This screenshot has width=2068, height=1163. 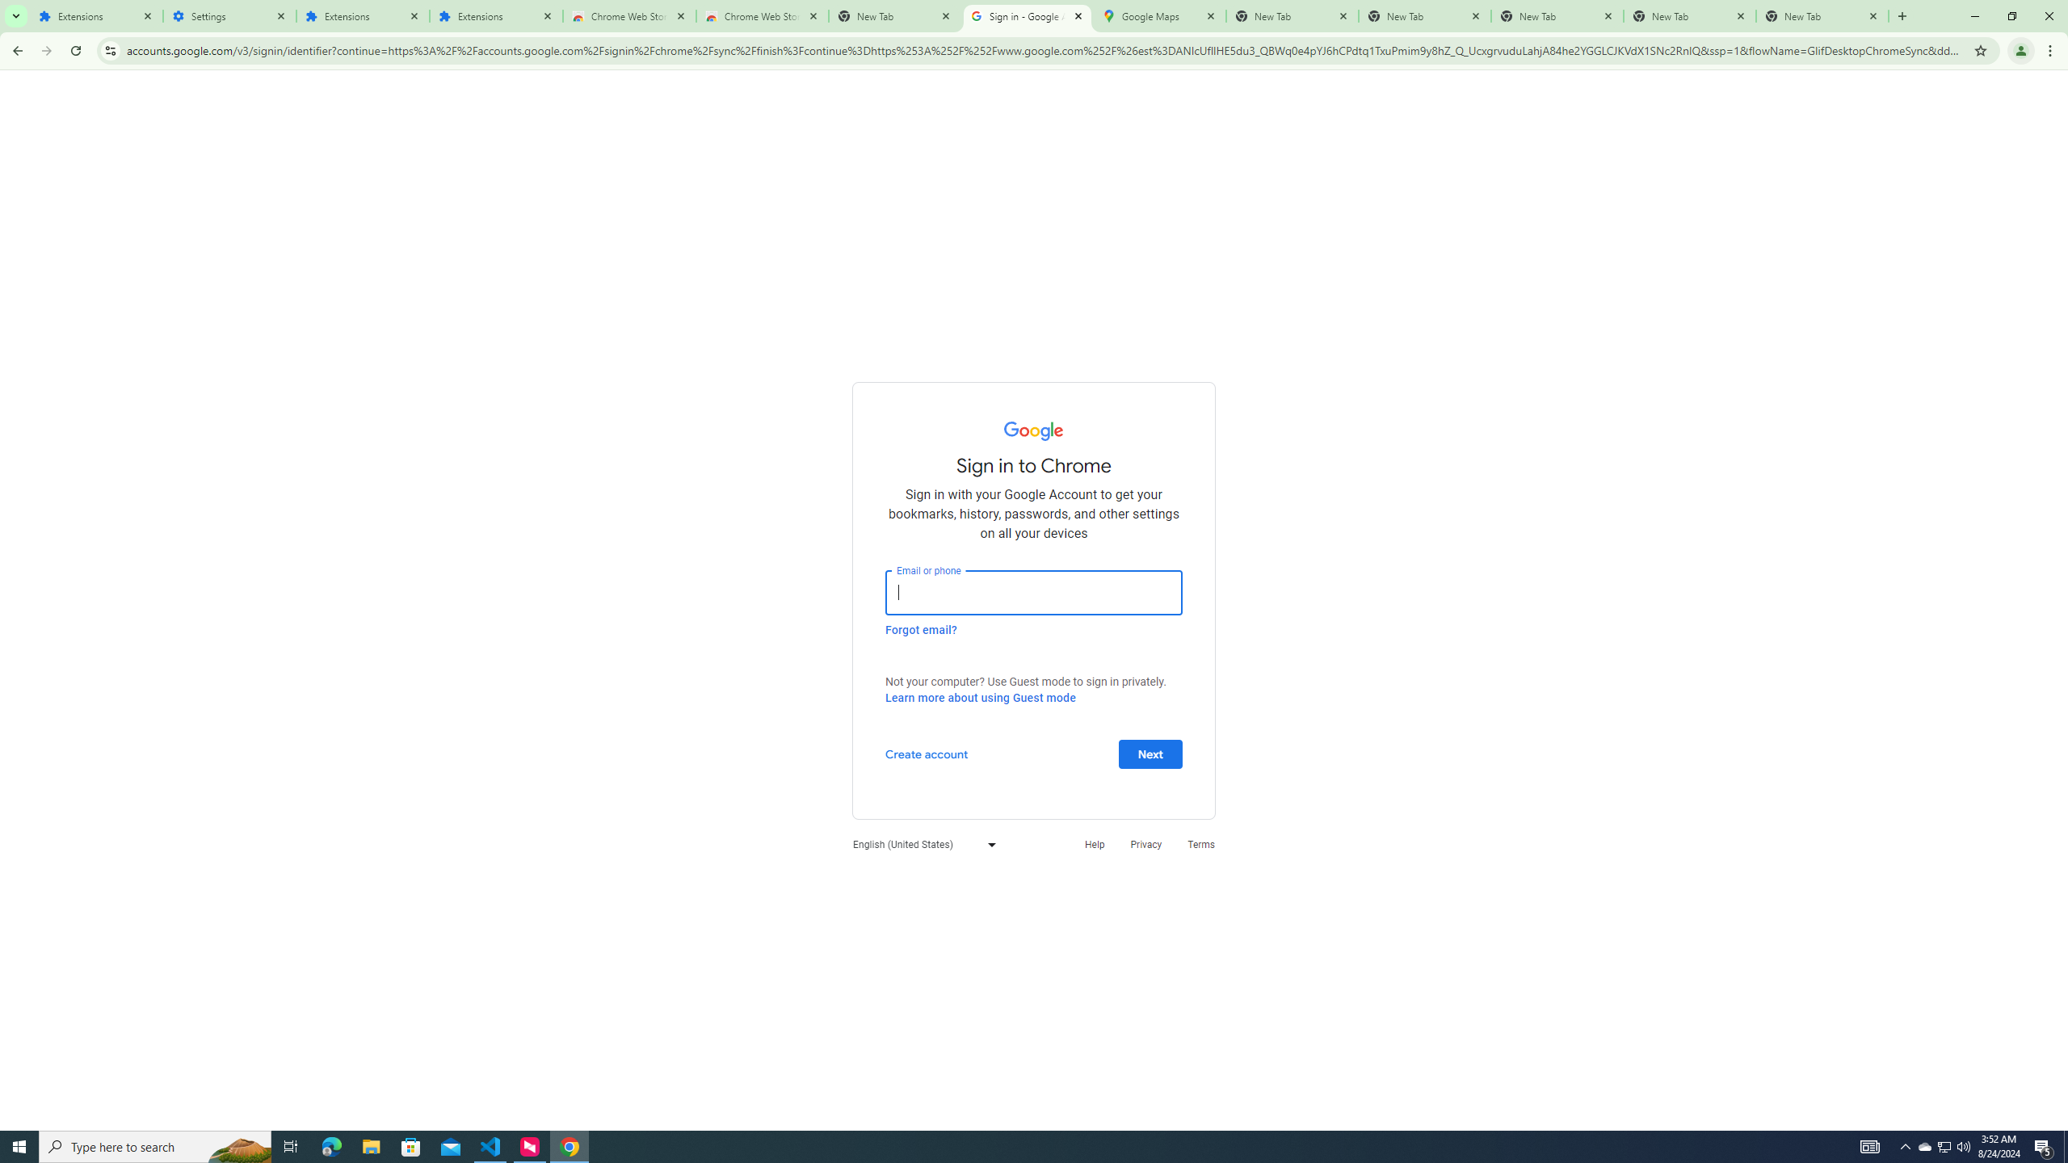 I want to click on 'Extensions', so click(x=362, y=15).